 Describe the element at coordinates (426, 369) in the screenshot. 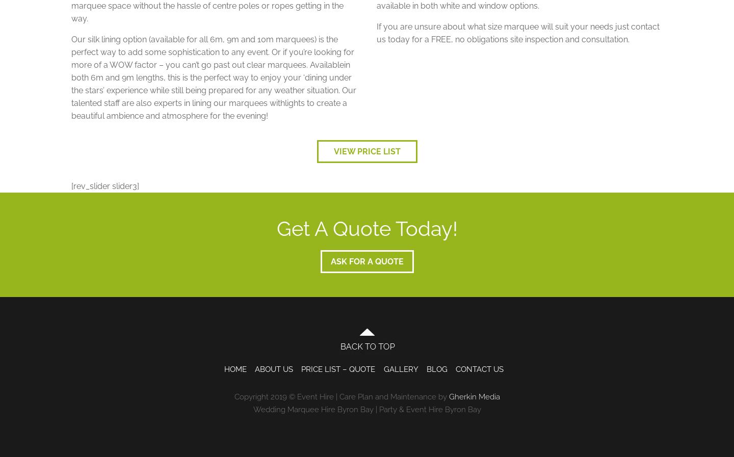

I see `'BLOG'` at that location.